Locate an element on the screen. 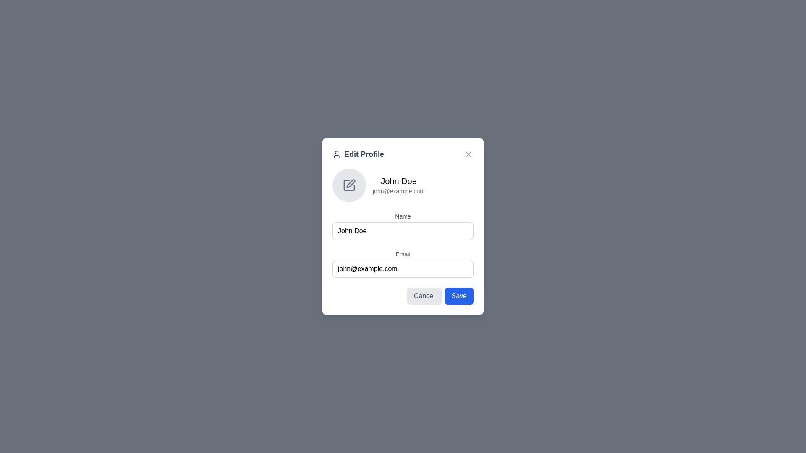 This screenshot has width=806, height=453. the 'Cancel' button located in the bottom-right section of the modal dialog box is located at coordinates (424, 295).